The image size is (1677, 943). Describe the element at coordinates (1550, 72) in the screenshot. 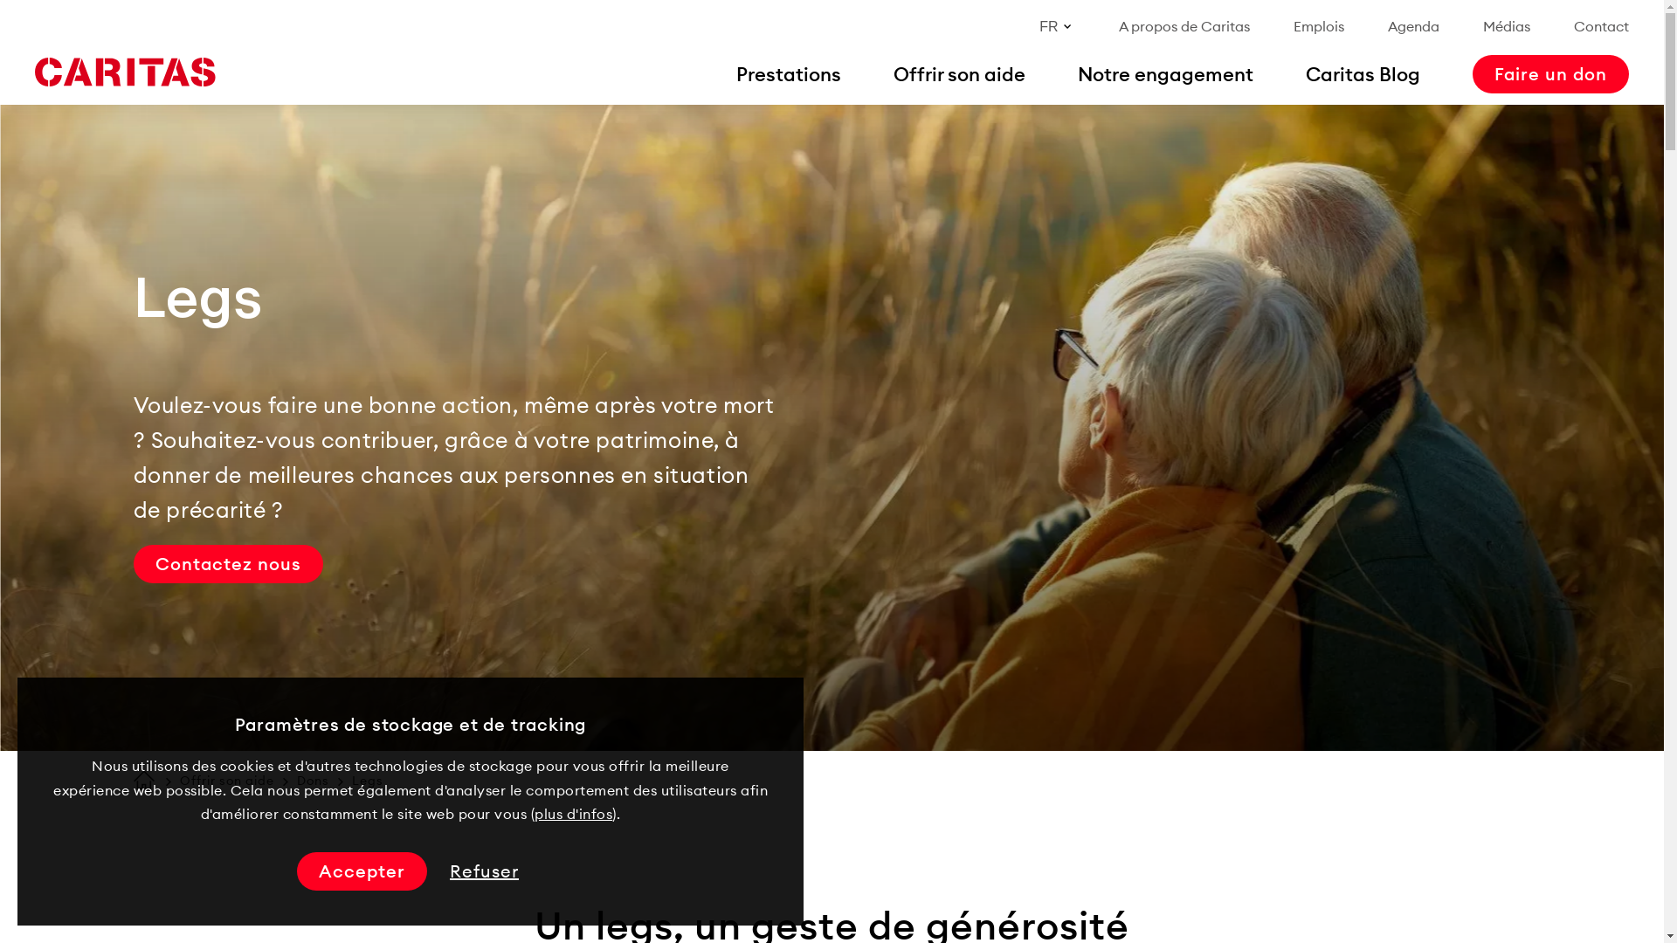

I see `'Faire un don'` at that location.